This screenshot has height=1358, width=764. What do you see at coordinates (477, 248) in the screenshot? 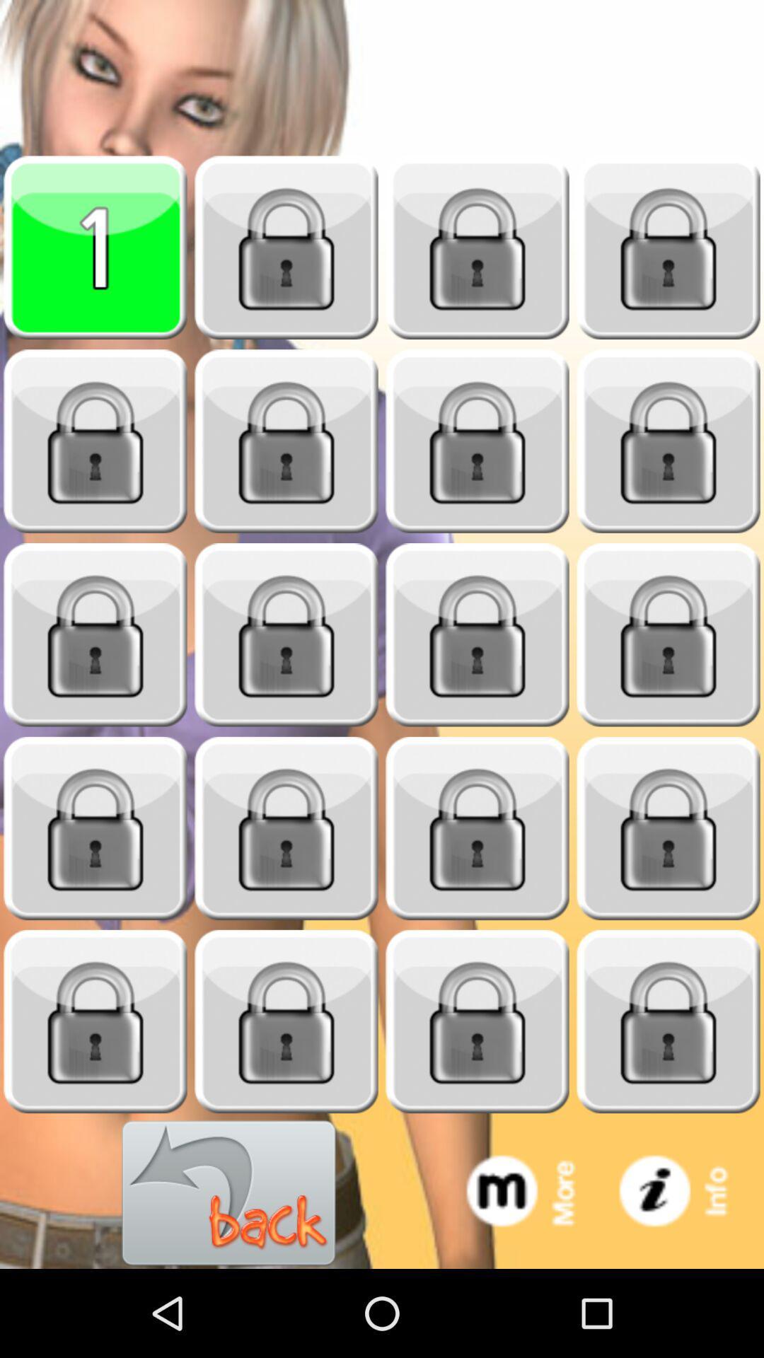
I see `this area is locked` at bounding box center [477, 248].